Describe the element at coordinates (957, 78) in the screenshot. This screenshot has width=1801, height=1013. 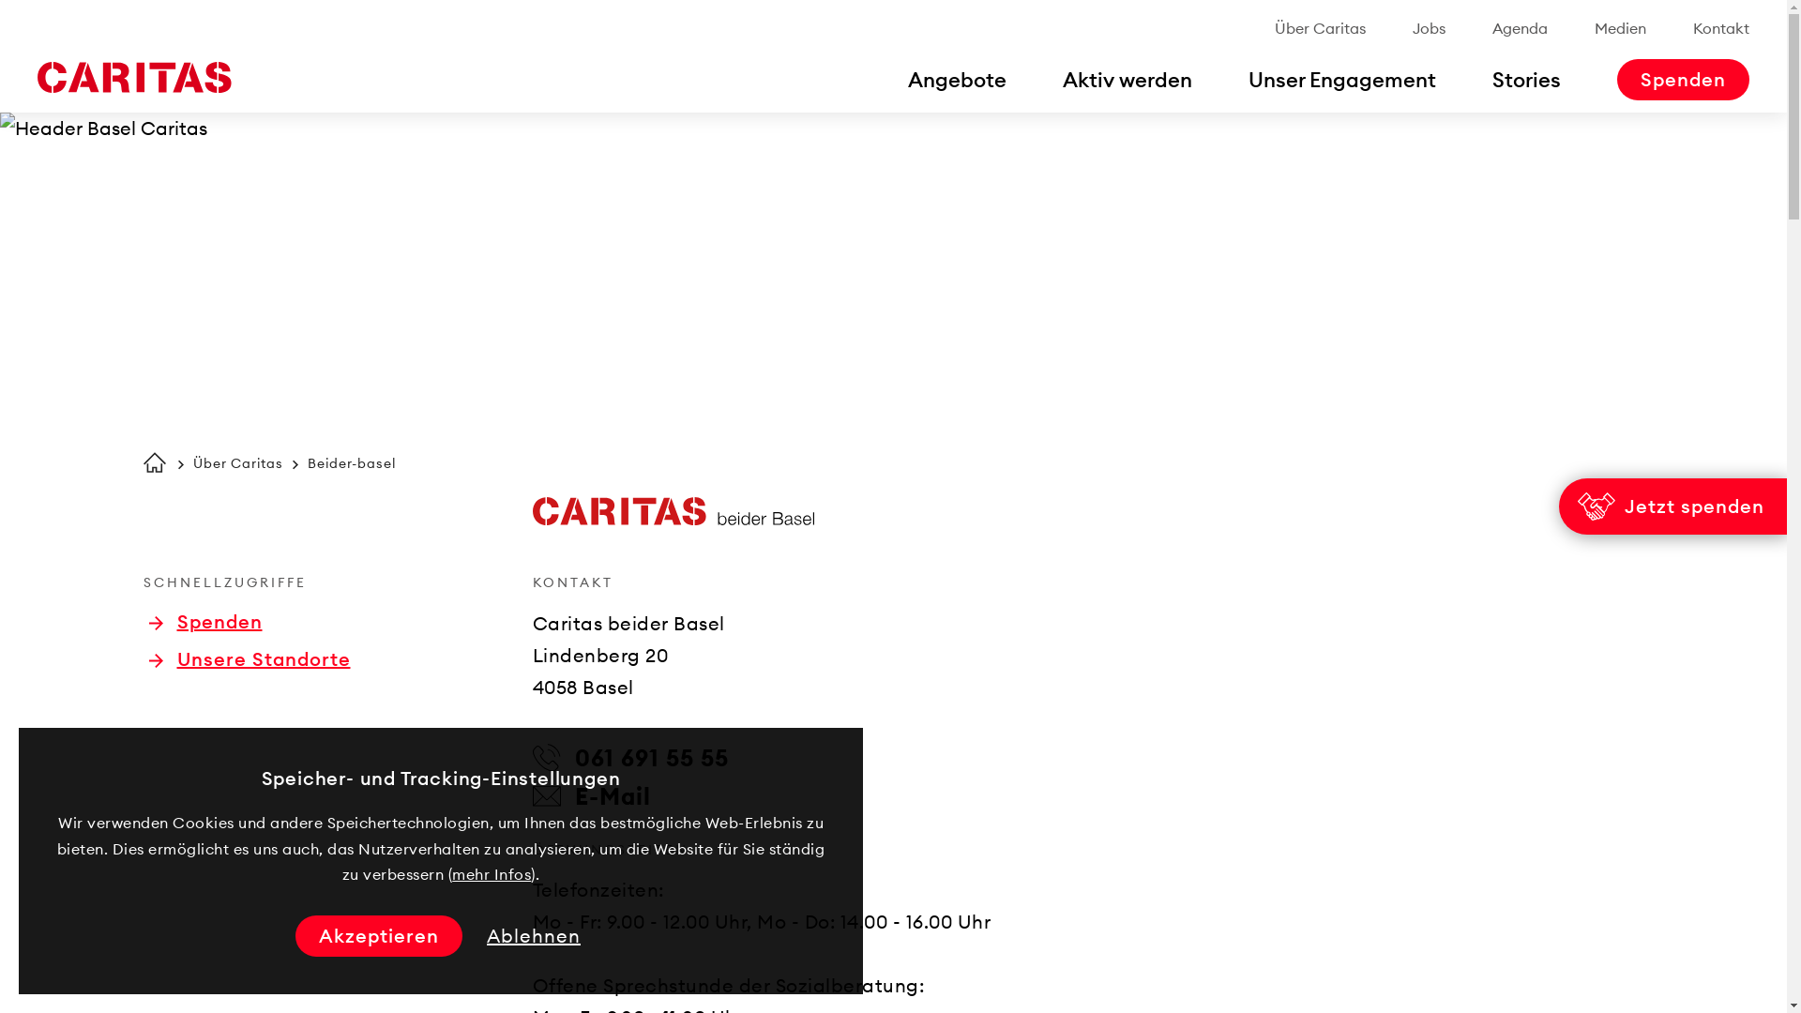
I see `'Angebote'` at that location.